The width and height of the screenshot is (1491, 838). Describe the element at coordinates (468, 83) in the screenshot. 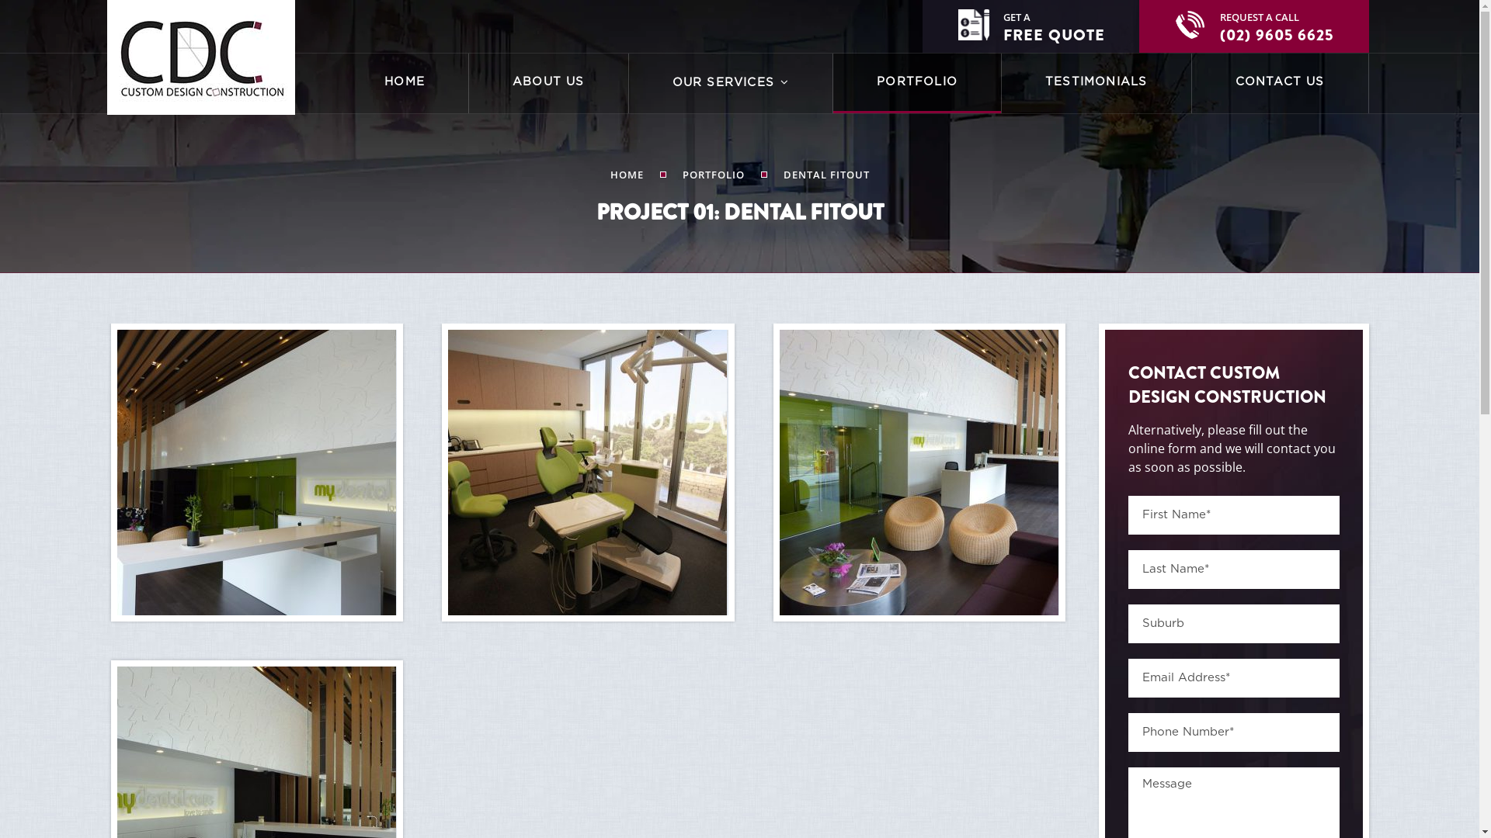

I see `'ABOUT US'` at that location.